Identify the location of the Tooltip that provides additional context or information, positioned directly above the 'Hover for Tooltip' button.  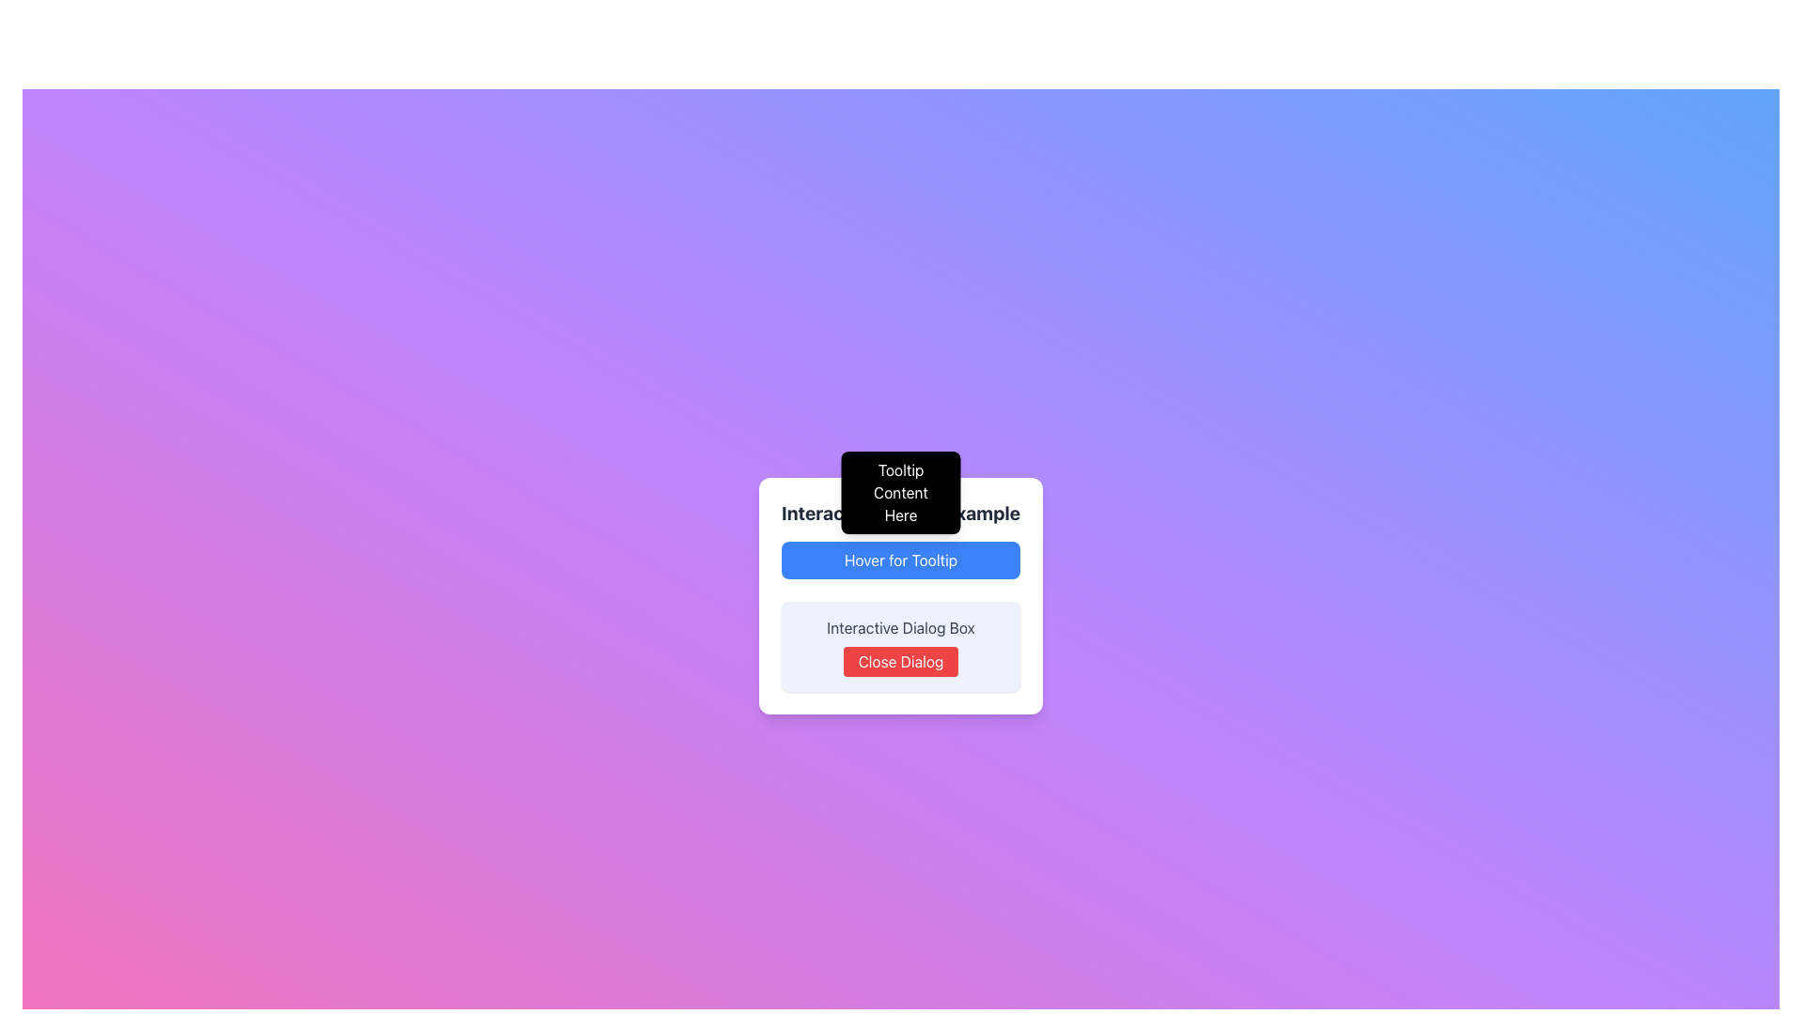
(900, 491).